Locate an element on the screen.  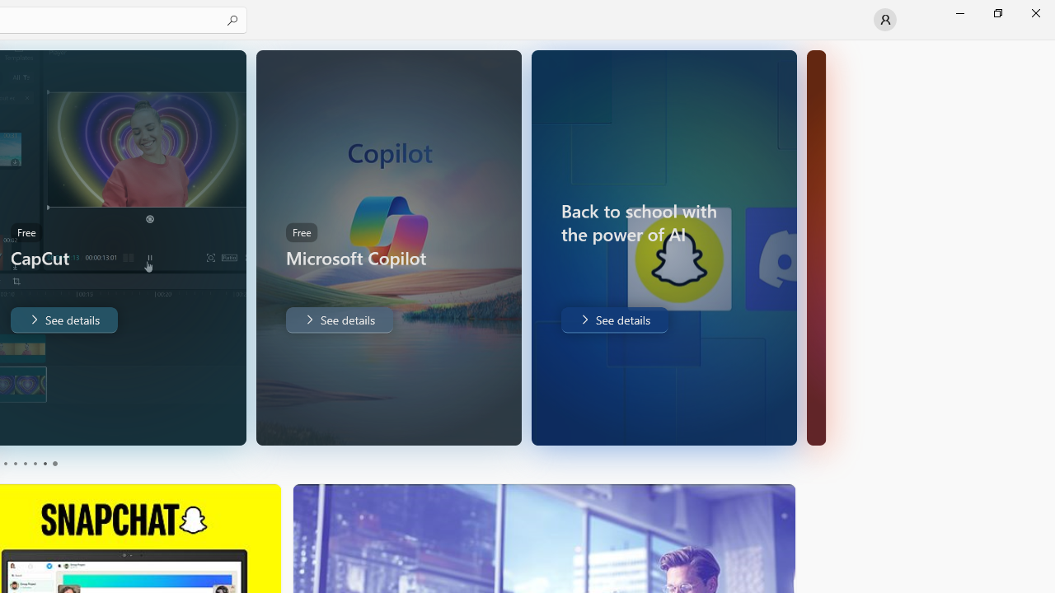
'Page 6' is located at coordinates (54, 464).